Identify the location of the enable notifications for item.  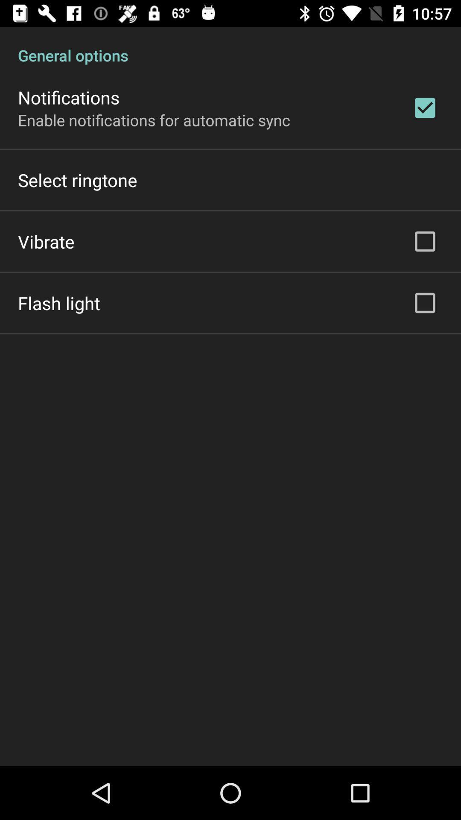
(154, 120).